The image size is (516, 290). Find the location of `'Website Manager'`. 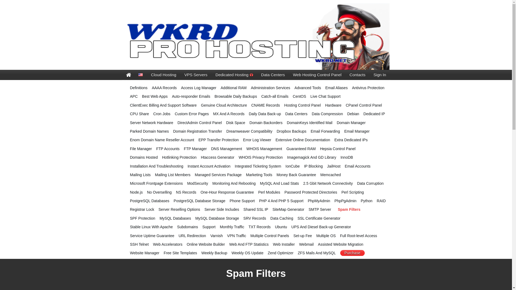

'Website Manager' is located at coordinates (145, 253).